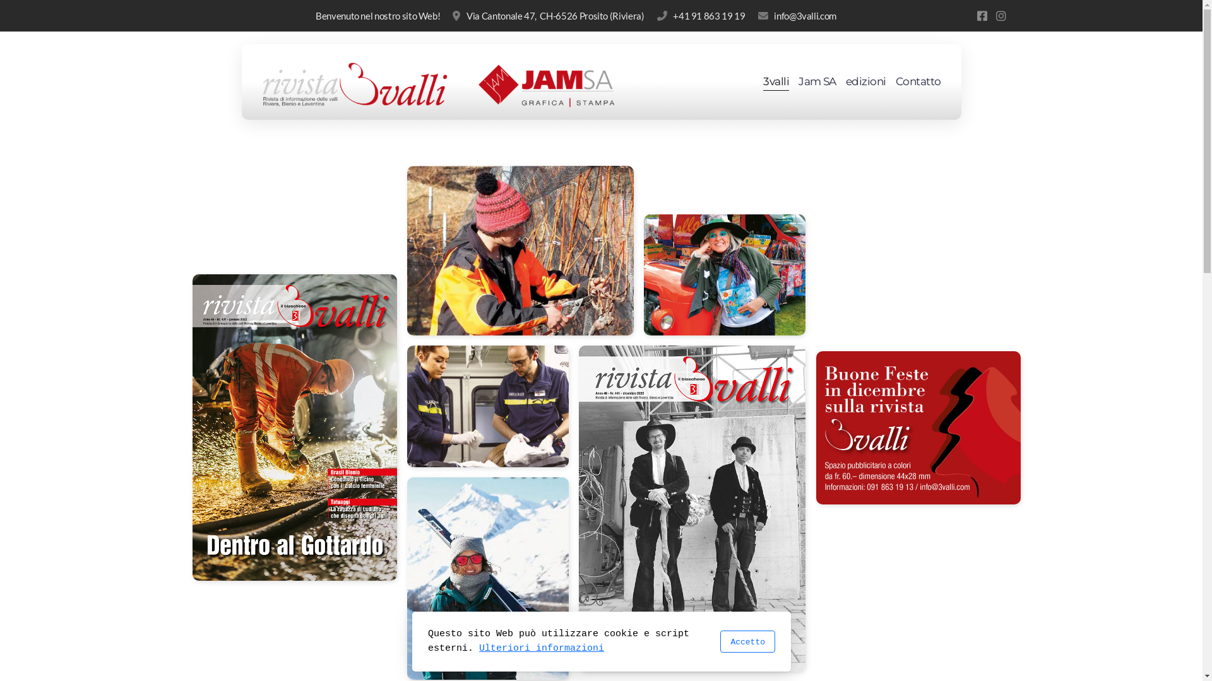  Describe the element at coordinates (817, 82) in the screenshot. I see `'Jam SA'` at that location.